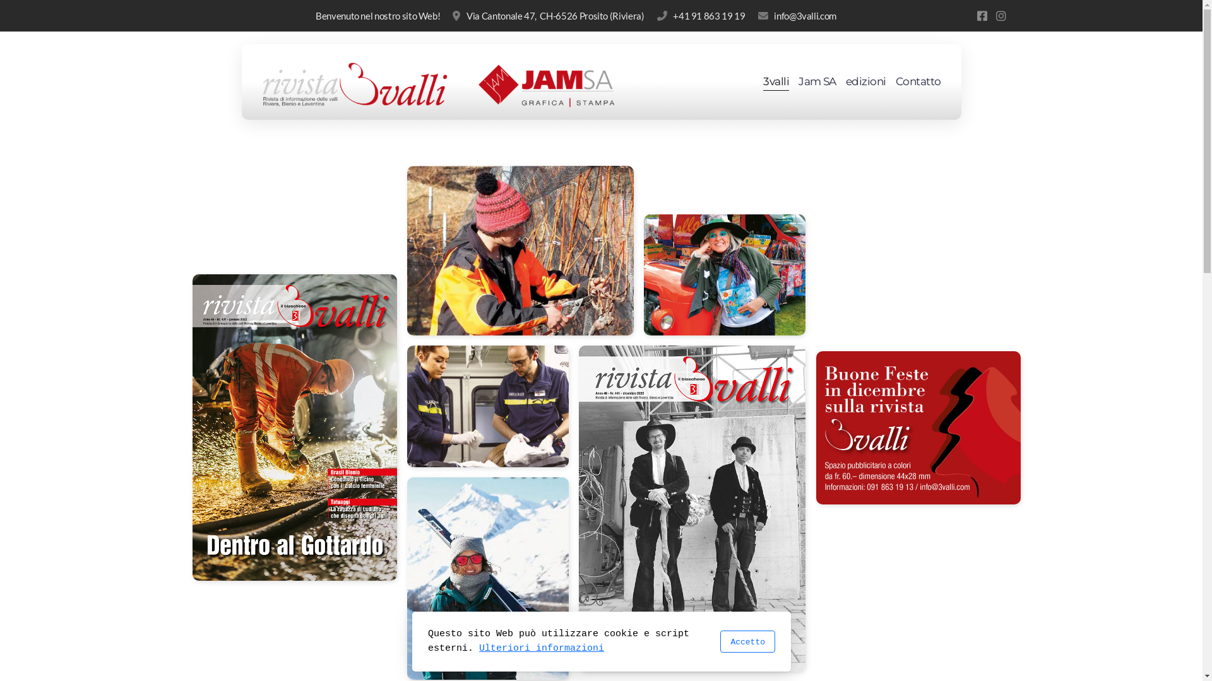  Describe the element at coordinates (817, 82) in the screenshot. I see `'Jam SA'` at that location.